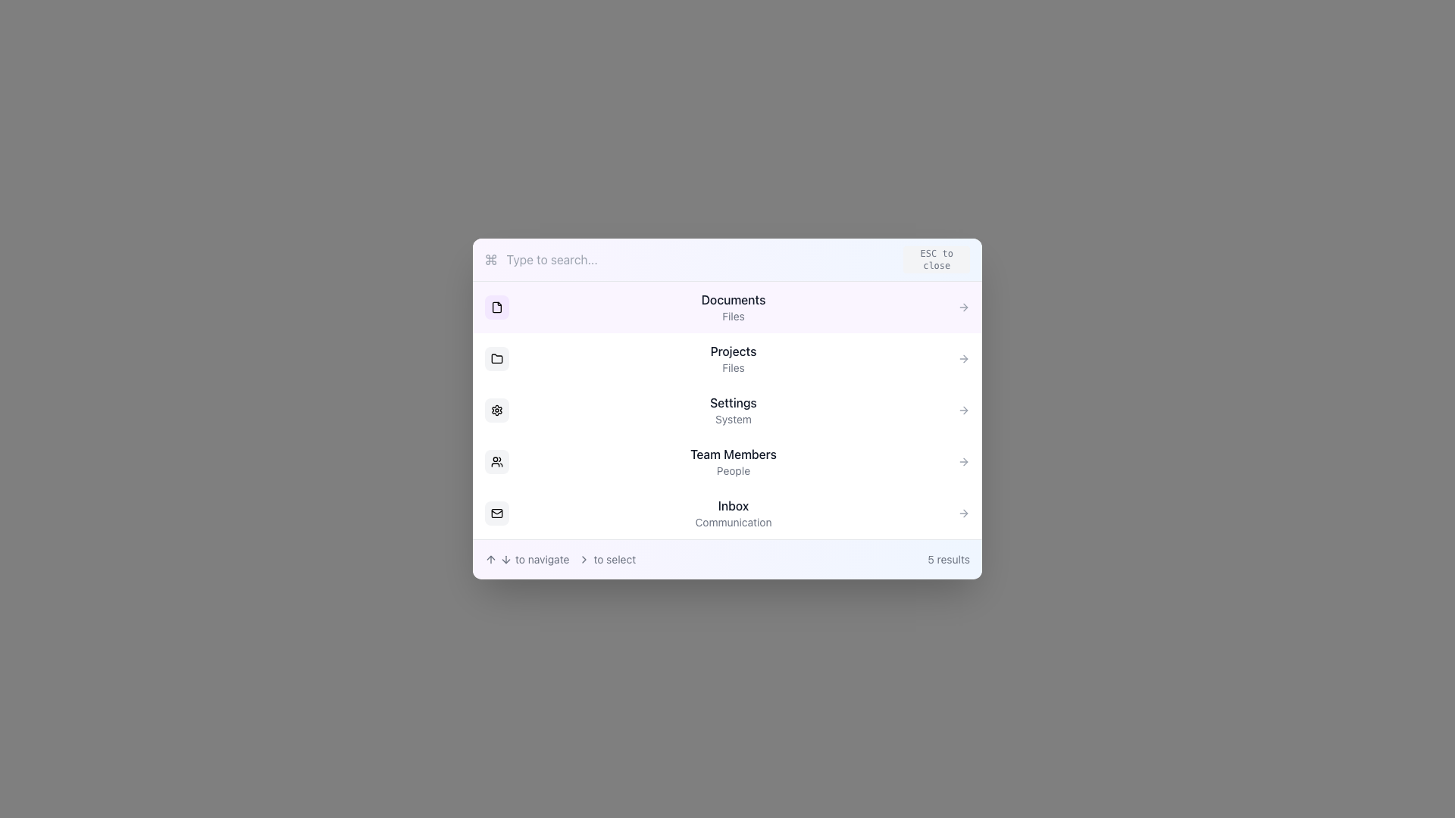  I want to click on the decorative shape embedded in the envelope icon, which signifies the 'Inbox' on the left side of the user interface, so click(497, 513).